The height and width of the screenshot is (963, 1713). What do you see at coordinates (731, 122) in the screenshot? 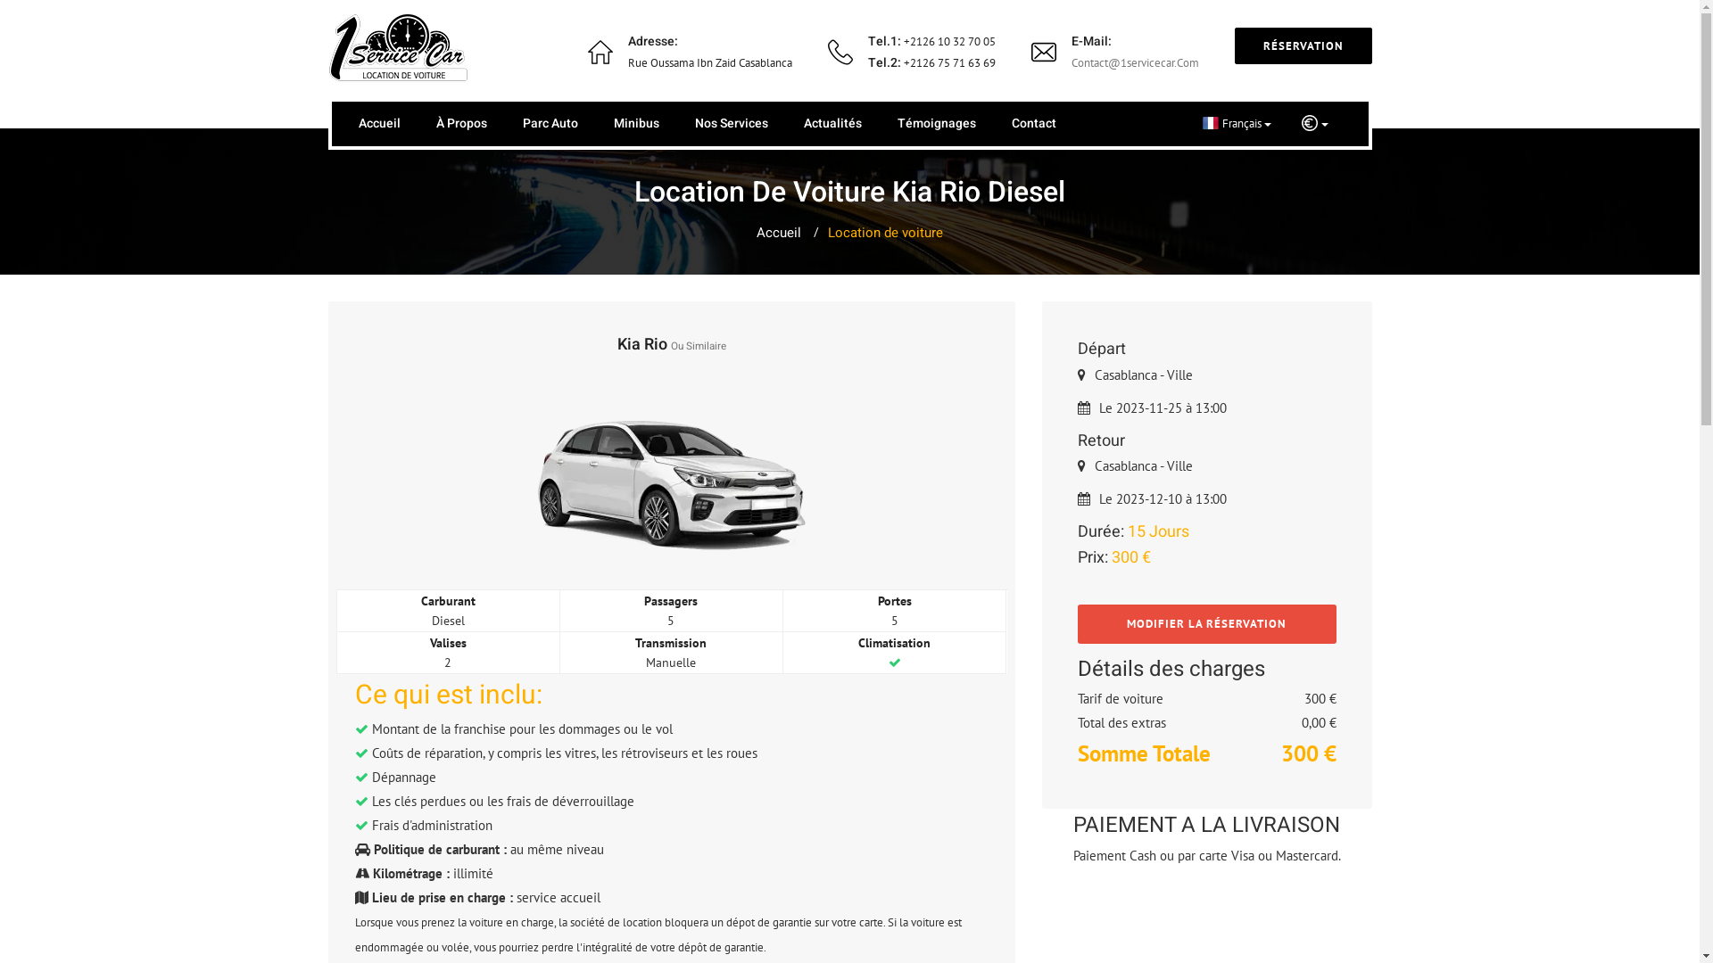
I see `'Nos Services'` at bounding box center [731, 122].